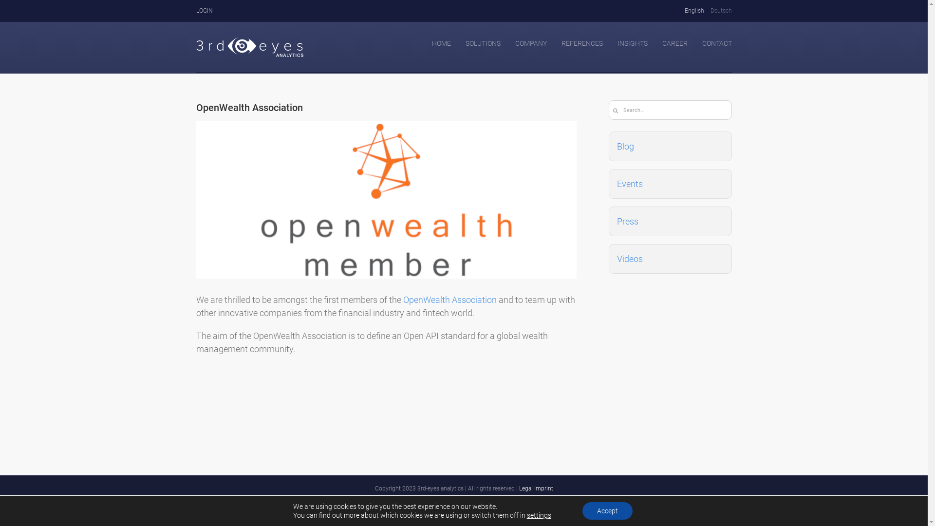  Describe the element at coordinates (674, 42) in the screenshot. I see `'CAREER'` at that location.